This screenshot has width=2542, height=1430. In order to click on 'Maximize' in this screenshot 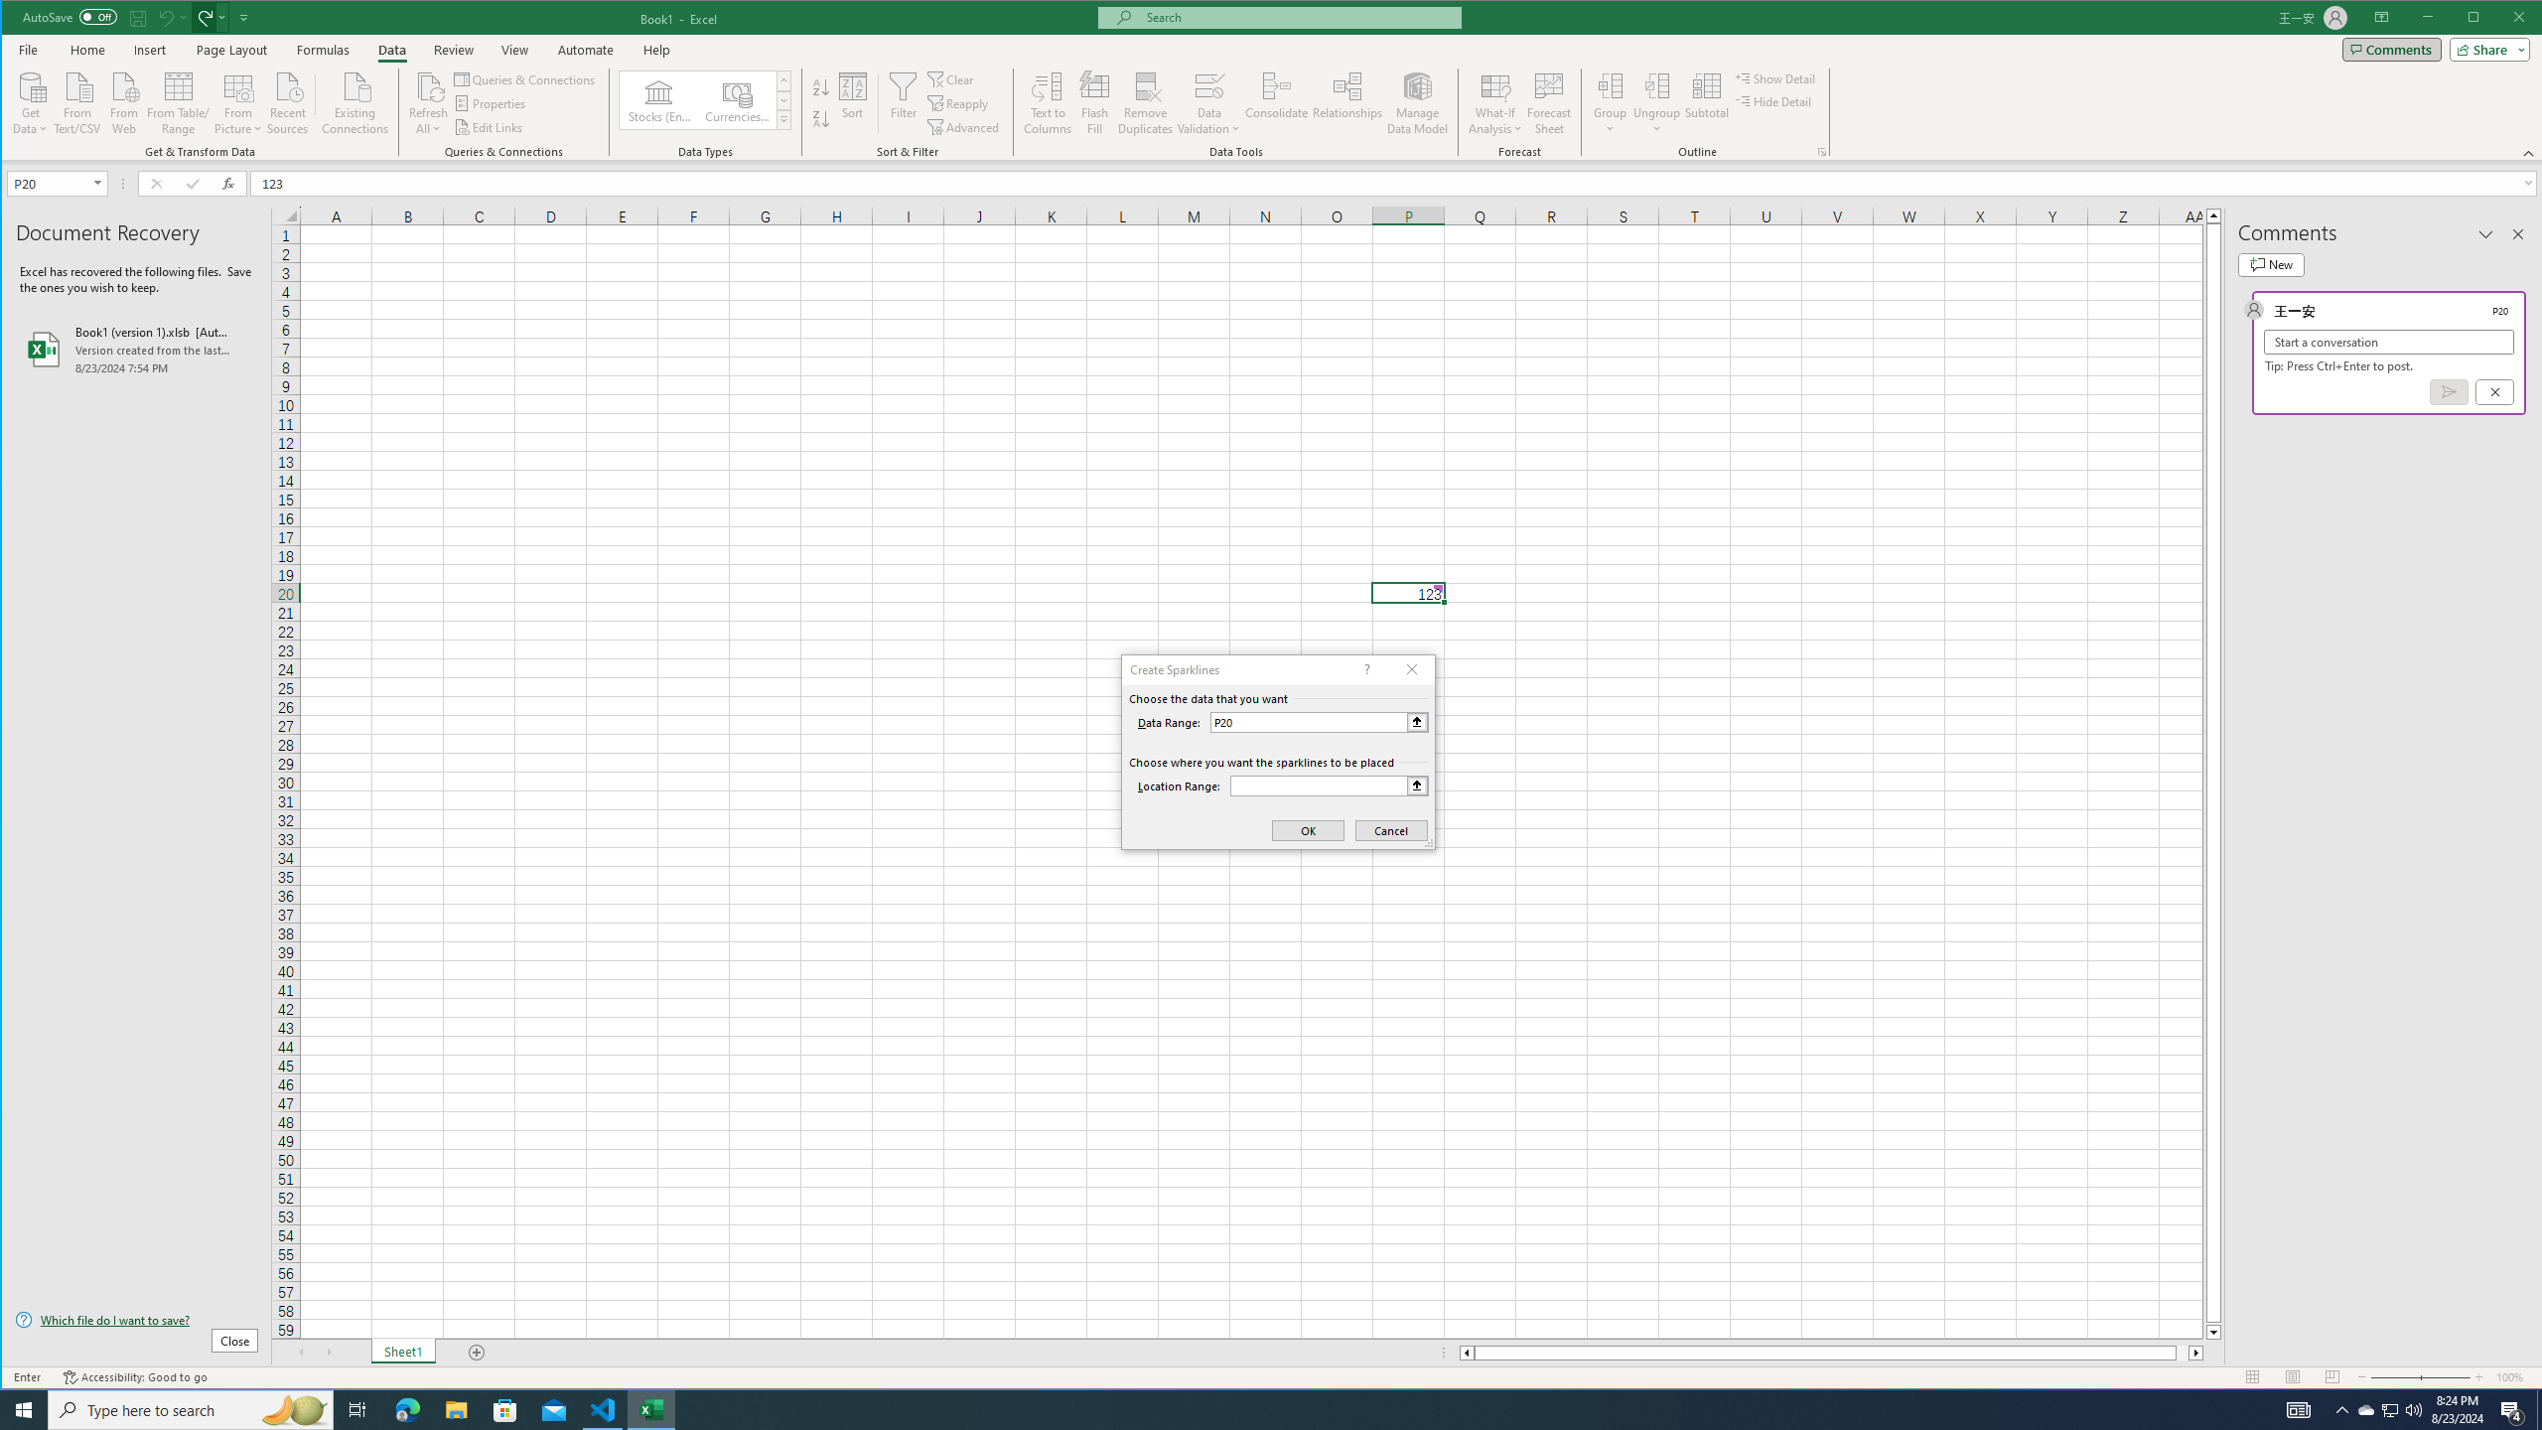, I will do `click(2501, 19)`.